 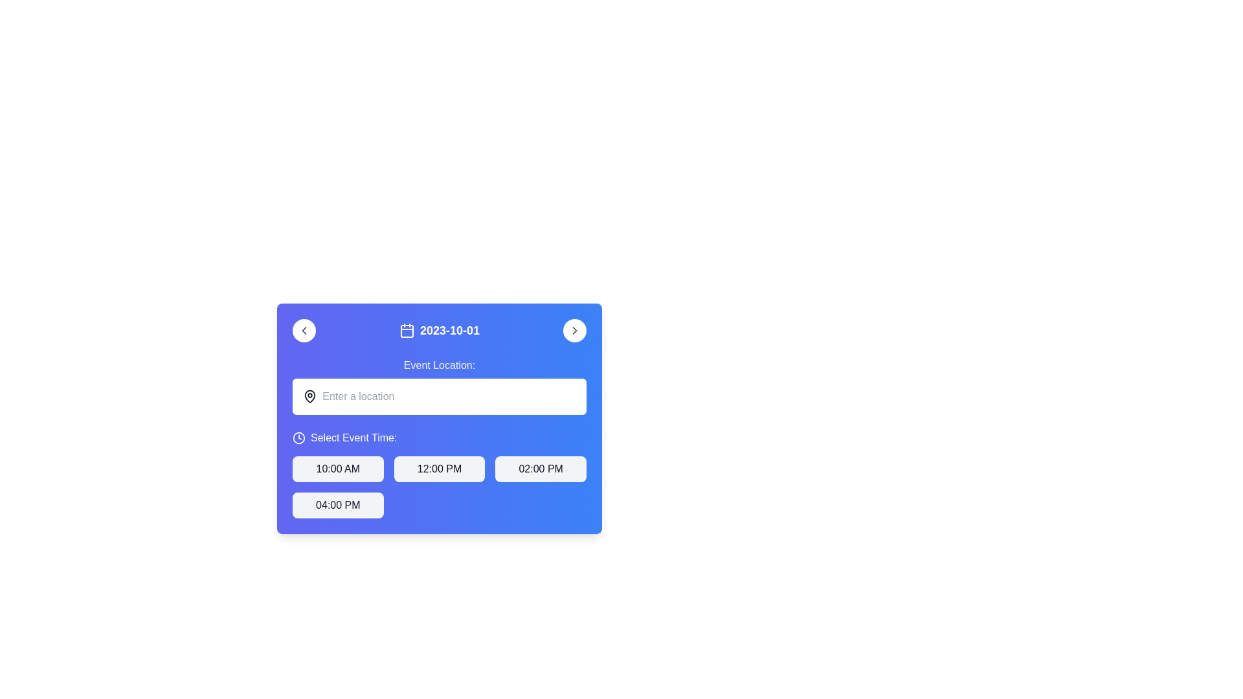 I want to click on the small pin icon, which is a minimalistic map pin located near the left side of the 'Enter a location' input field in the 'Event Location' section, so click(x=309, y=396).